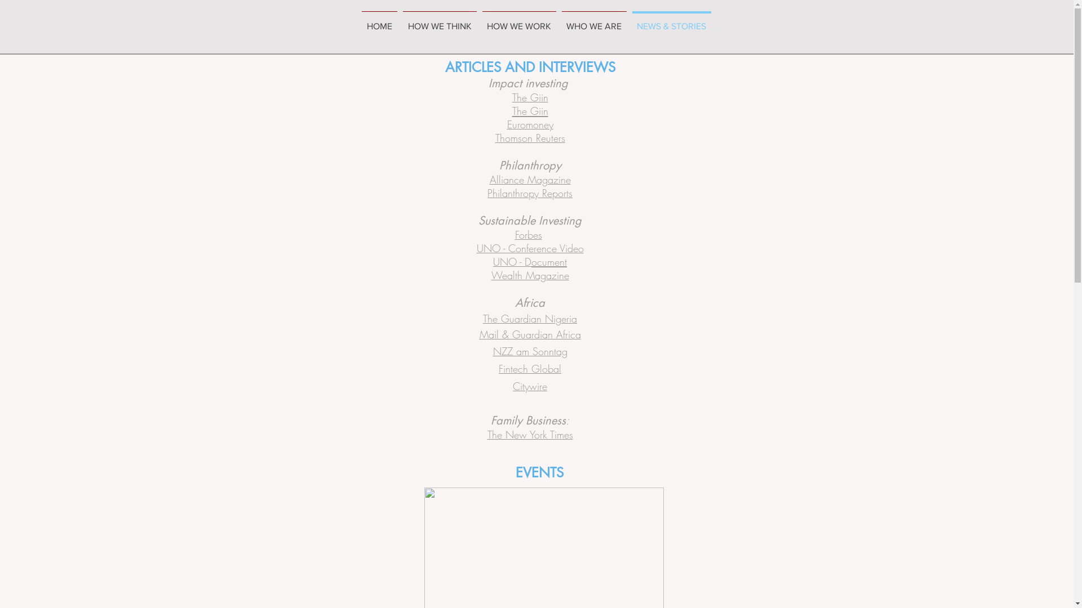 The image size is (1082, 608). I want to click on 'The Guardian Nigeria', so click(529, 319).